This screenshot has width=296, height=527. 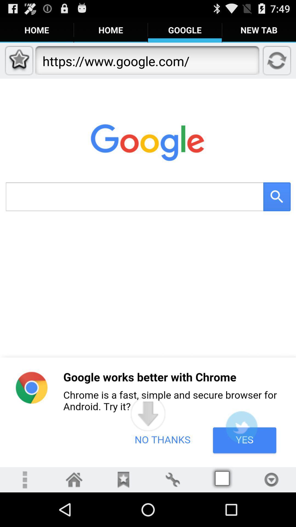 I want to click on settings, so click(x=172, y=479).